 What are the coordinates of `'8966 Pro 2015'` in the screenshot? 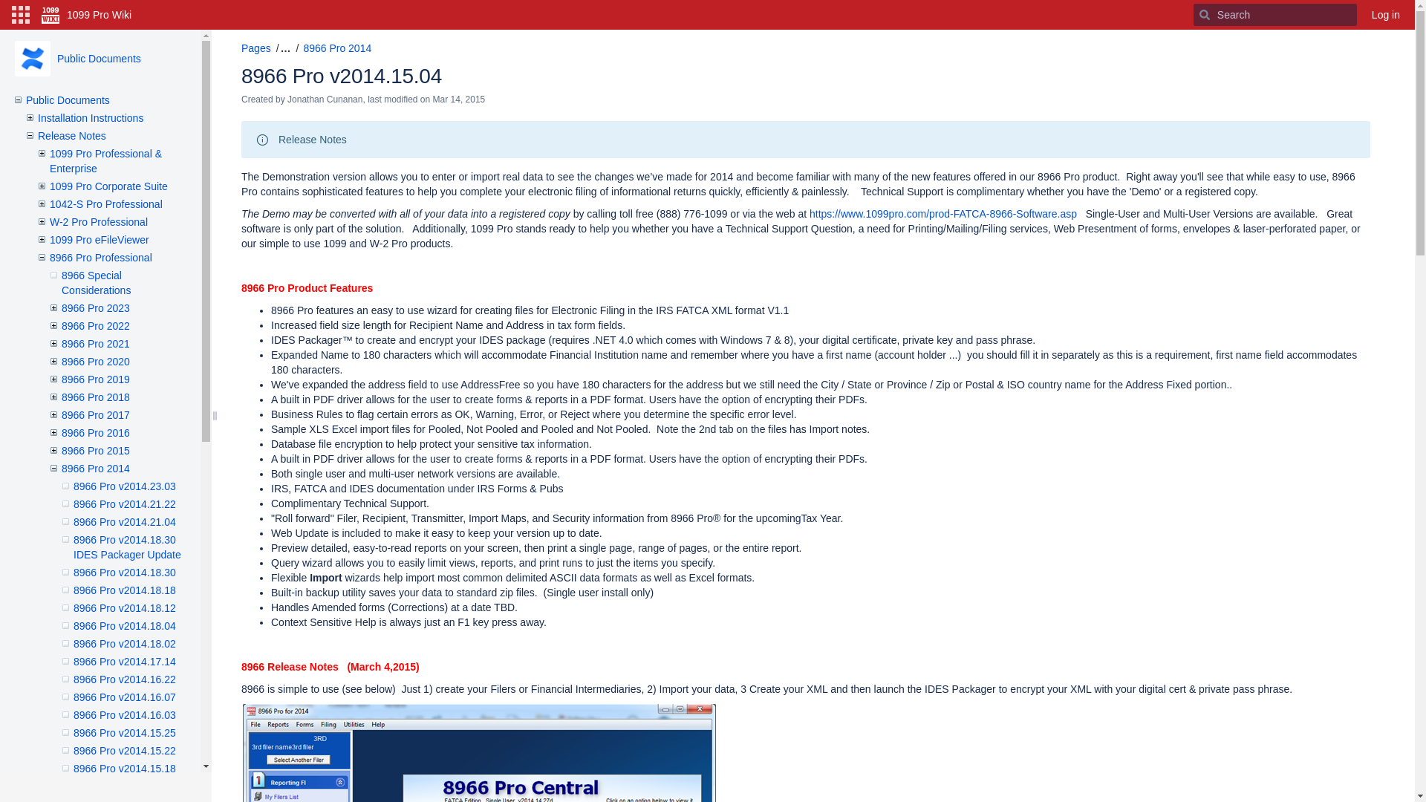 It's located at (95, 449).